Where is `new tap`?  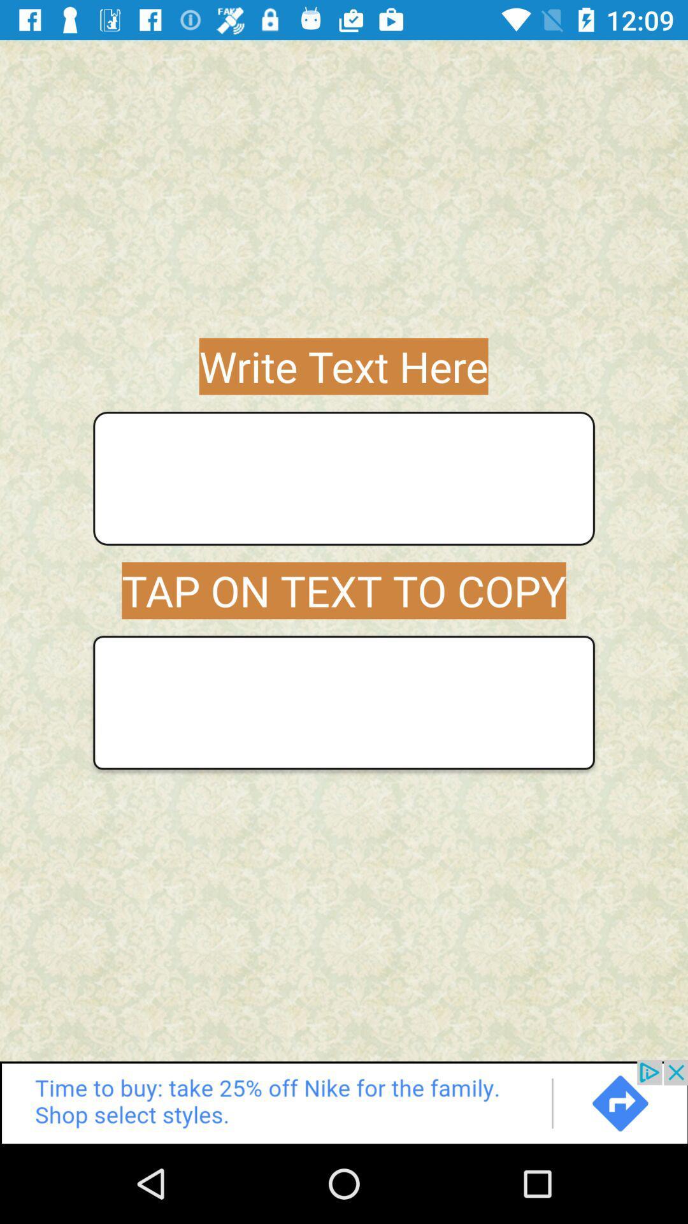
new tap is located at coordinates (344, 702).